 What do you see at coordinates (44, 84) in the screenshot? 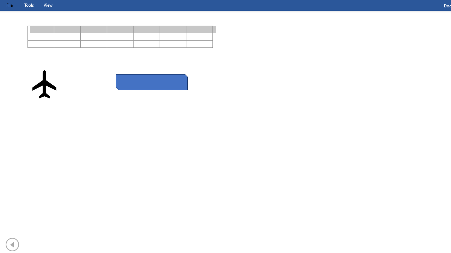
I see `'Airplane with solid fill'` at bounding box center [44, 84].